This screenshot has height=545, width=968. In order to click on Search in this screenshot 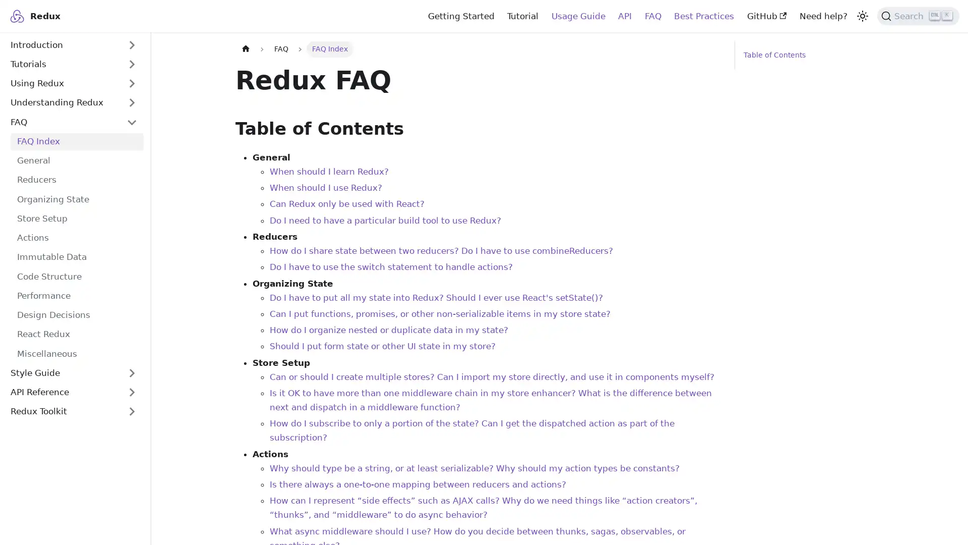, I will do `click(918, 15)`.